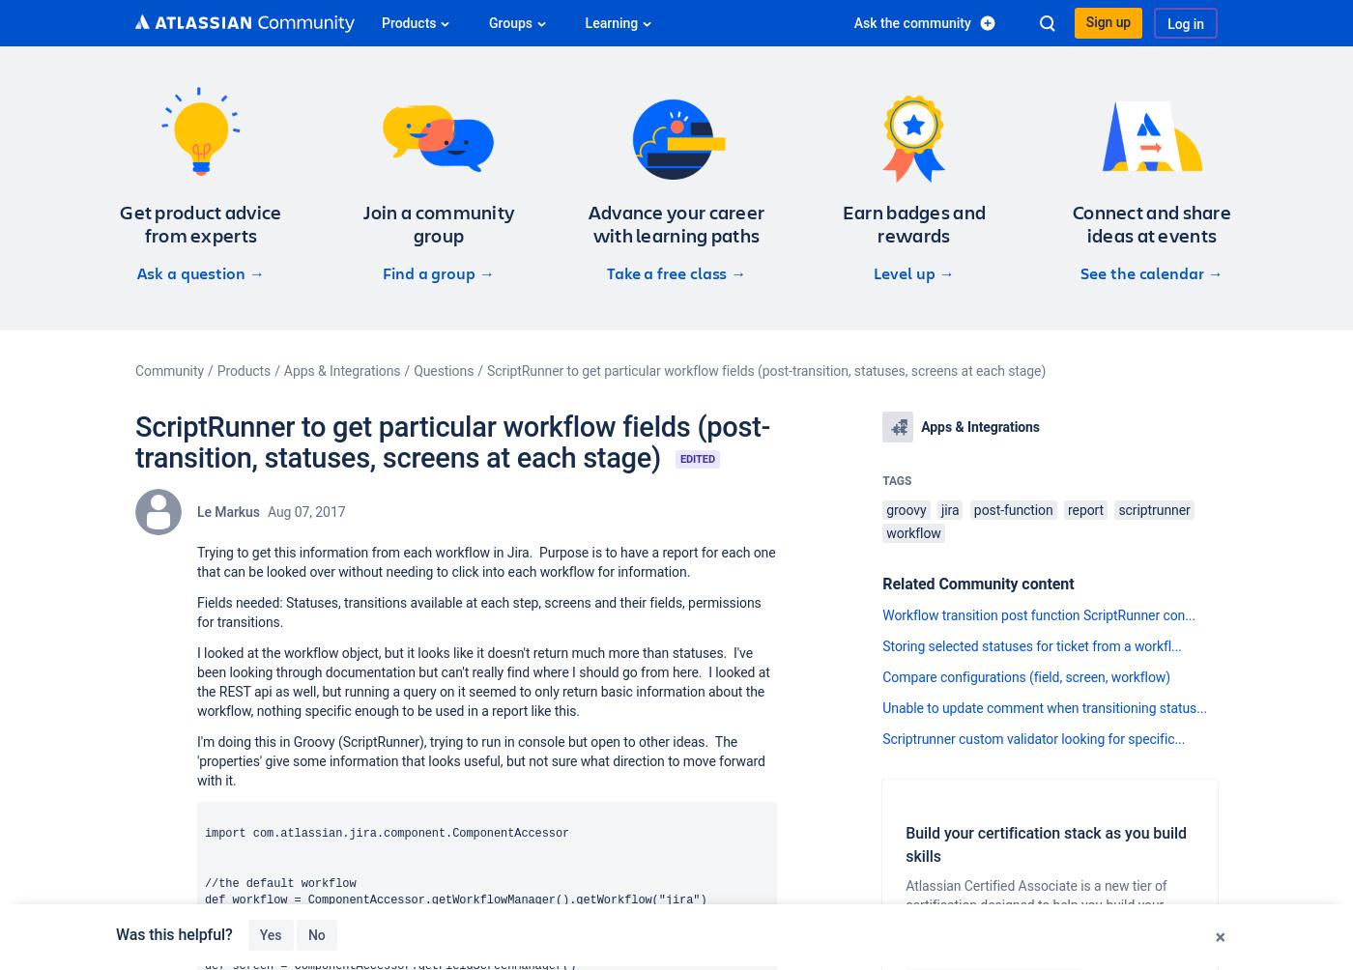 Image resolution: width=1353 pixels, height=970 pixels. Describe the element at coordinates (485, 562) in the screenshot. I see `'Trying to get this information from each workflow in Jira.  Purpose is to have a report for each one that can be looked over without needing to click into each workflow for information.'` at that location.